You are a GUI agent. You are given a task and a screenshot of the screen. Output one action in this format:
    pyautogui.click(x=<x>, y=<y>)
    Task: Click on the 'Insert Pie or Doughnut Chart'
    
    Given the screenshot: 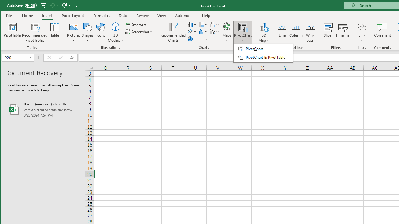 What is the action you would take?
    pyautogui.click(x=192, y=39)
    